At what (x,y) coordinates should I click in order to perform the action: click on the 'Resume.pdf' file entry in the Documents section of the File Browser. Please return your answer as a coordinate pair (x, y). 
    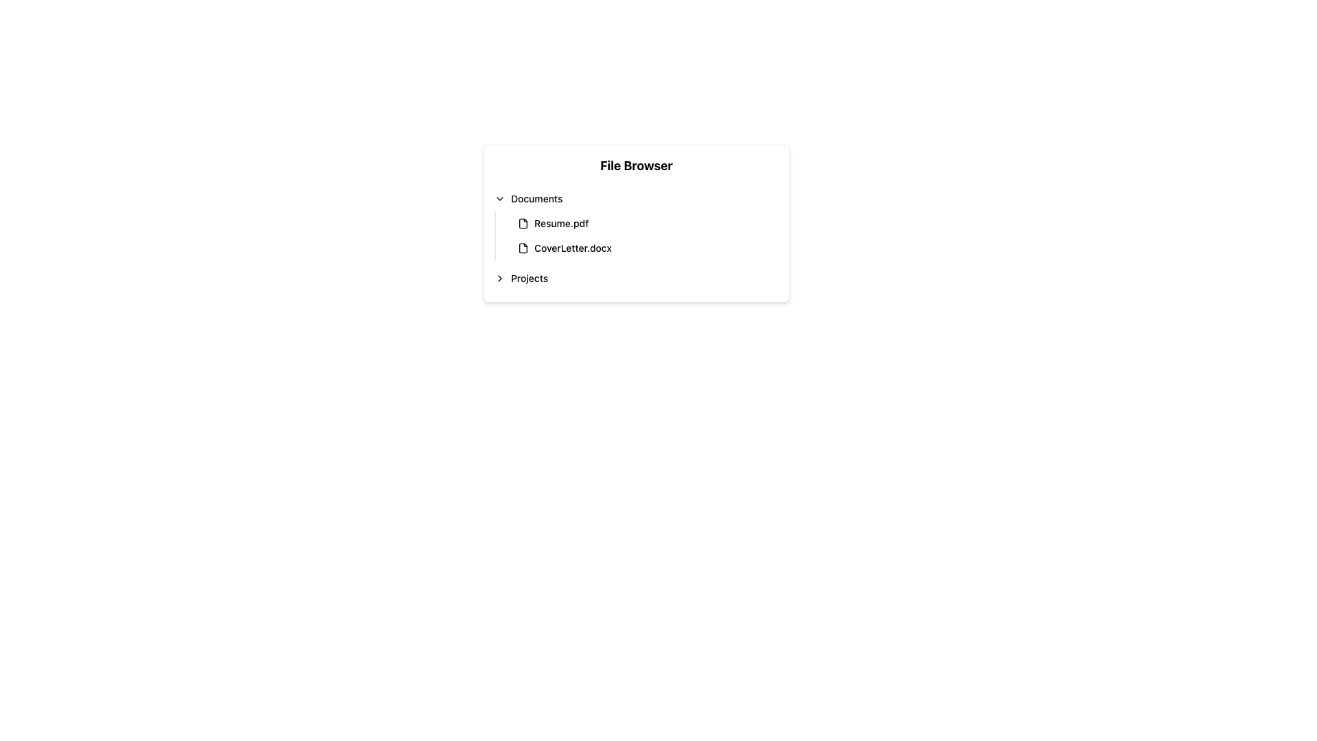
    Looking at the image, I should click on (641, 235).